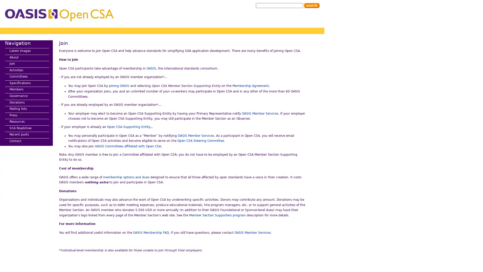 The height and width of the screenshot is (272, 483). What do you see at coordinates (311, 6) in the screenshot?
I see `Search` at bounding box center [311, 6].